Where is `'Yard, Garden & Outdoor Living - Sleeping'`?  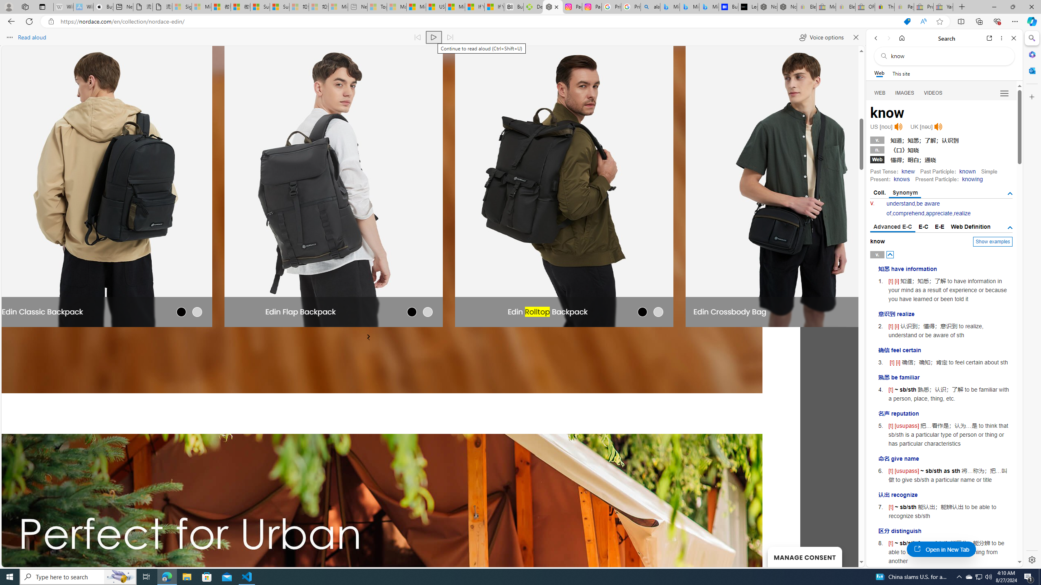
'Yard, Garden & Outdoor Living - Sleeping' is located at coordinates (943, 6).